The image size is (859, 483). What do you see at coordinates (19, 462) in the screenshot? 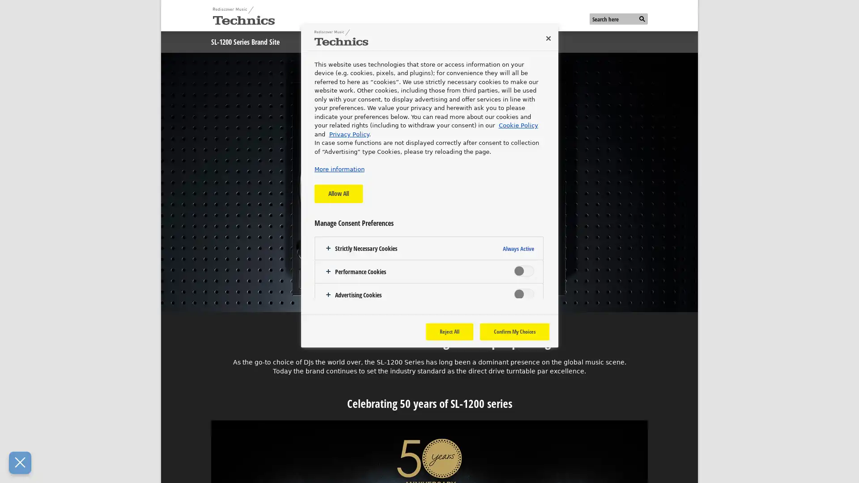
I see `Open Preferences` at bounding box center [19, 462].